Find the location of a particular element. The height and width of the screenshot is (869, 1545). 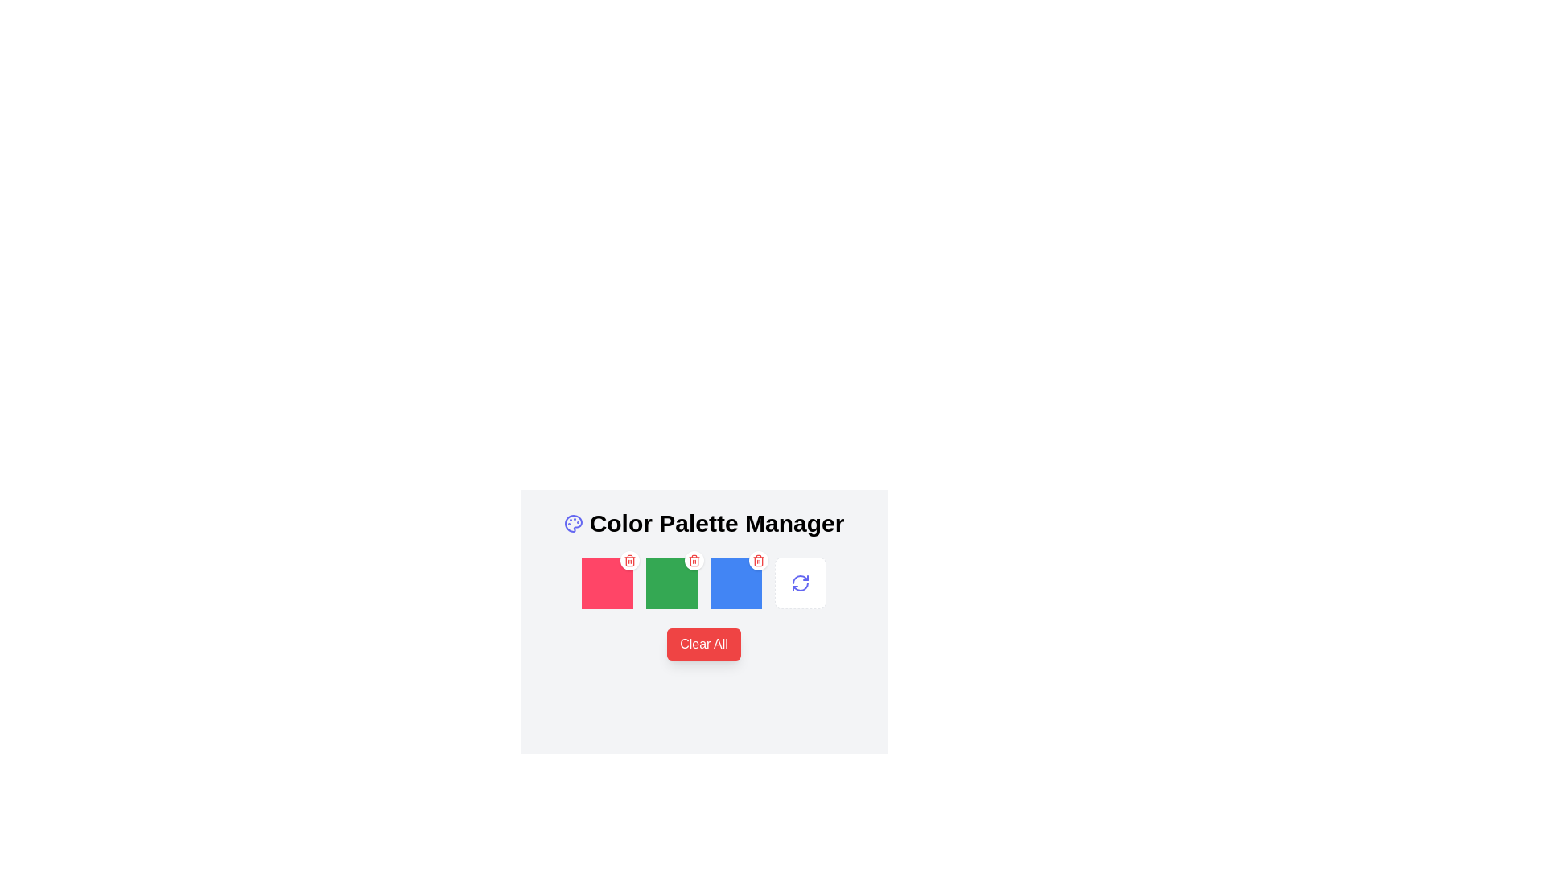

the red trash bin icon button located in the upper-right corner of the green block is located at coordinates (628, 560).